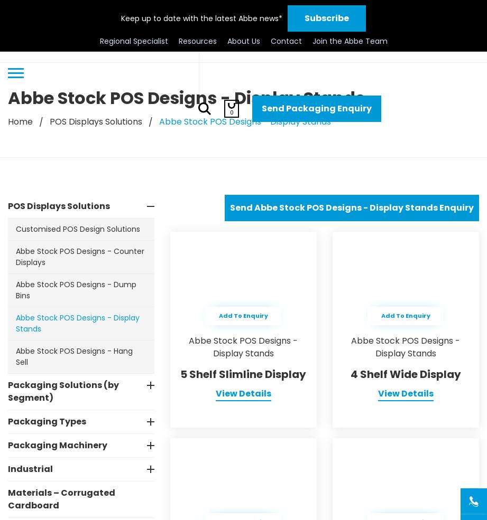 This screenshot has width=487, height=520. I want to click on 'Packaging Solutions (by Segment)', so click(8, 391).